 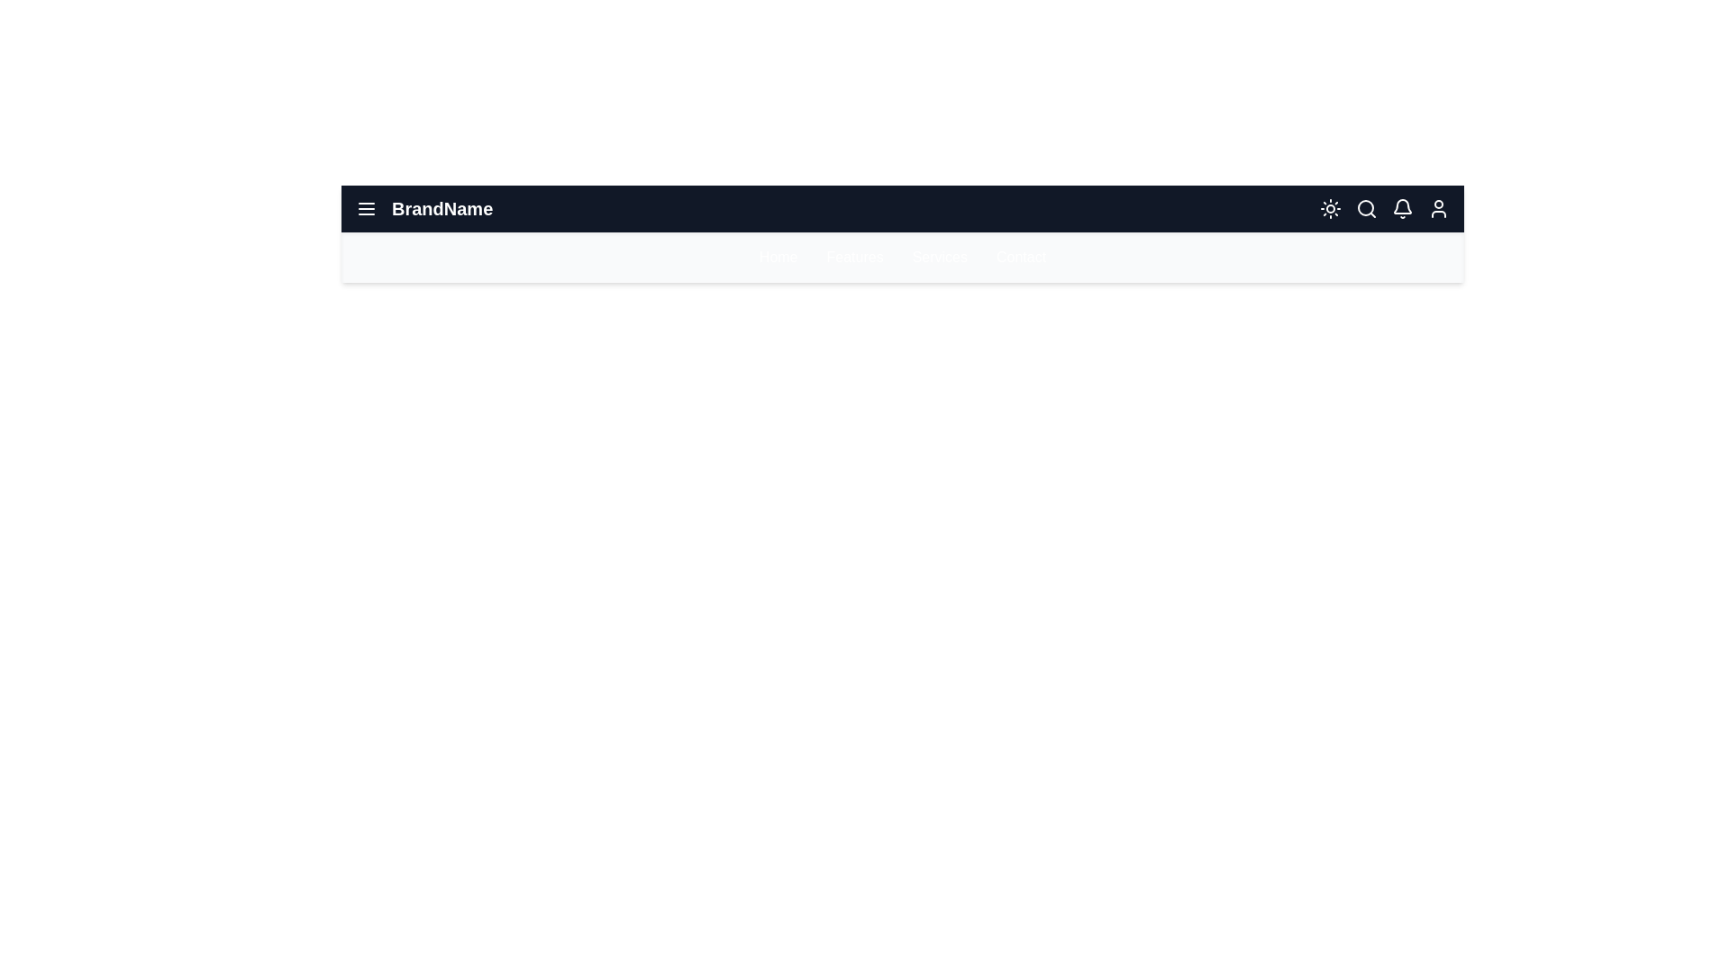 I want to click on the 'Home' navigation link, so click(x=778, y=257).